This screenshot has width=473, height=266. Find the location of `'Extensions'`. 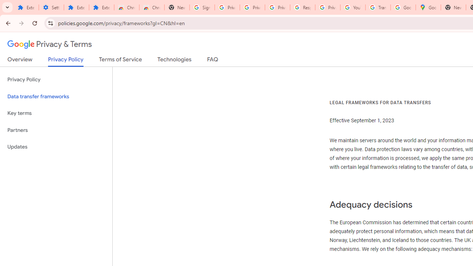

'Extensions' is located at coordinates (76, 7).